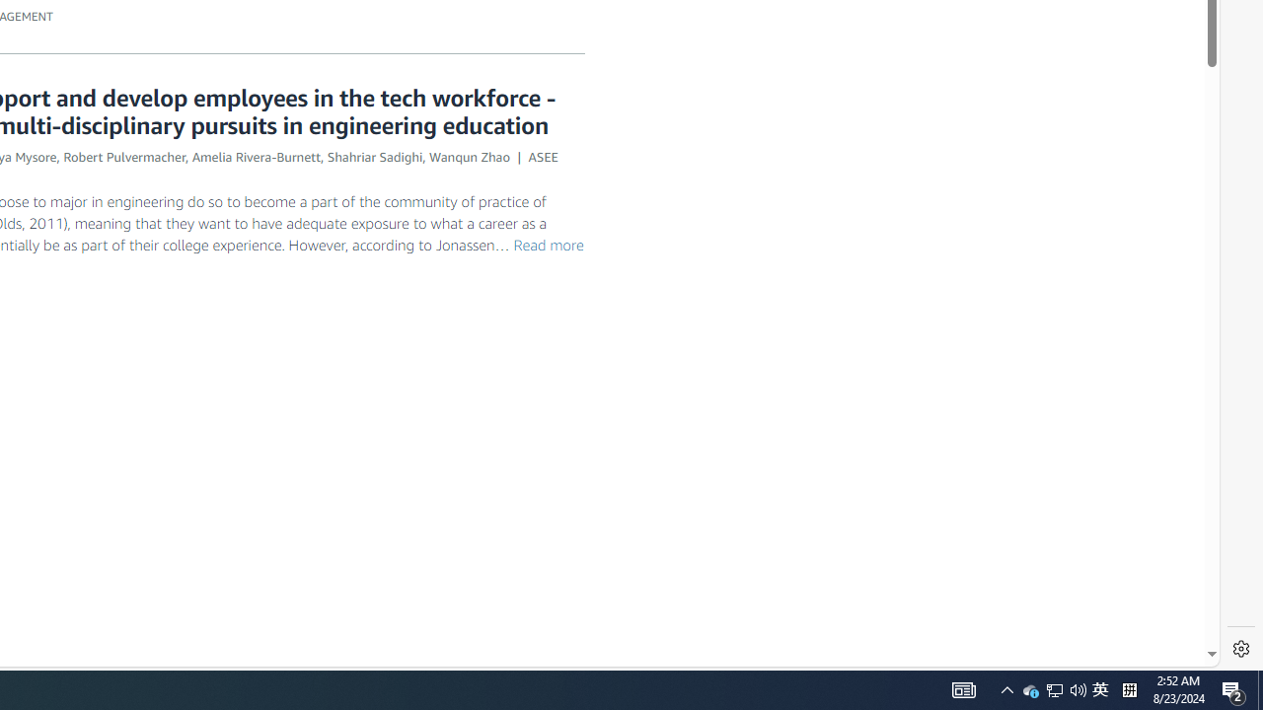 This screenshot has height=710, width=1263. Describe the element at coordinates (548, 243) in the screenshot. I see `'Read more'` at that location.